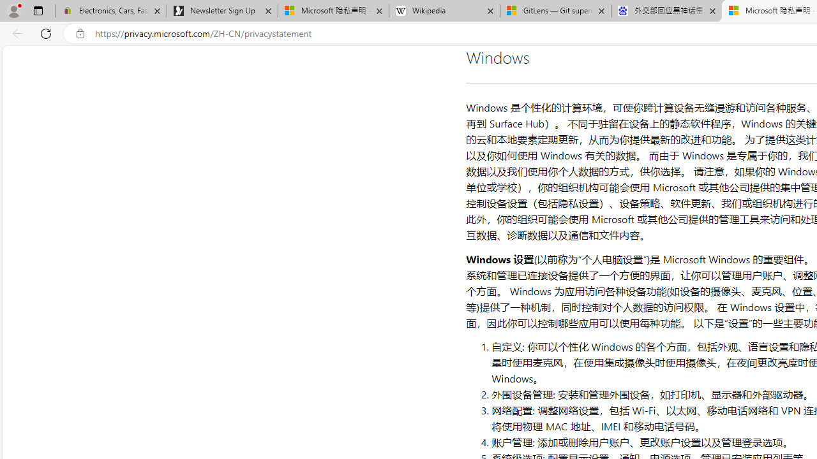  What do you see at coordinates (222, 11) in the screenshot?
I see `'Newsletter Sign Up'` at bounding box center [222, 11].